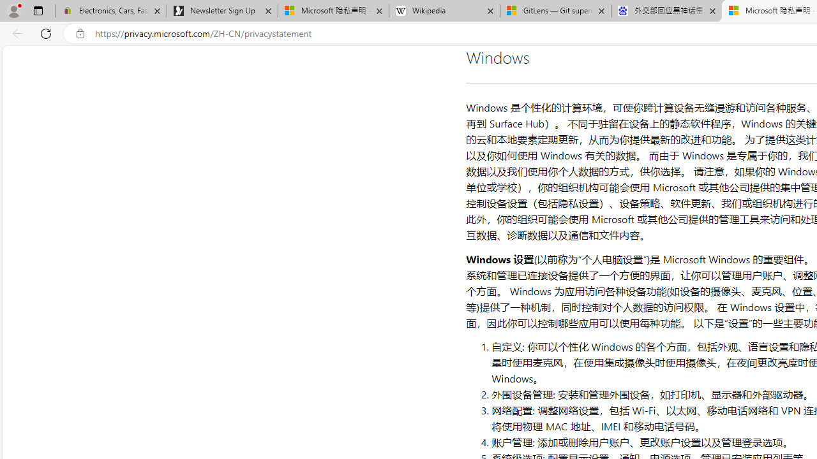  What do you see at coordinates (222, 11) in the screenshot?
I see `'Newsletter Sign Up'` at bounding box center [222, 11].